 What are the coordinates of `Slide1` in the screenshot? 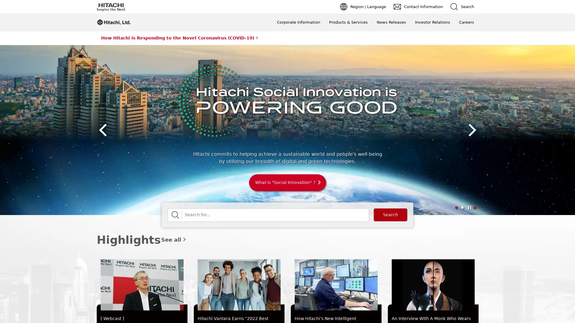 It's located at (456, 207).